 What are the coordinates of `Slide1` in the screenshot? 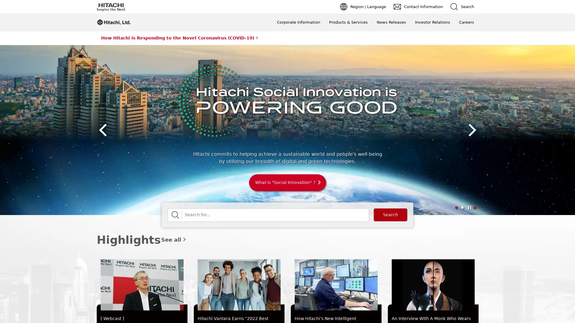 It's located at (456, 207).